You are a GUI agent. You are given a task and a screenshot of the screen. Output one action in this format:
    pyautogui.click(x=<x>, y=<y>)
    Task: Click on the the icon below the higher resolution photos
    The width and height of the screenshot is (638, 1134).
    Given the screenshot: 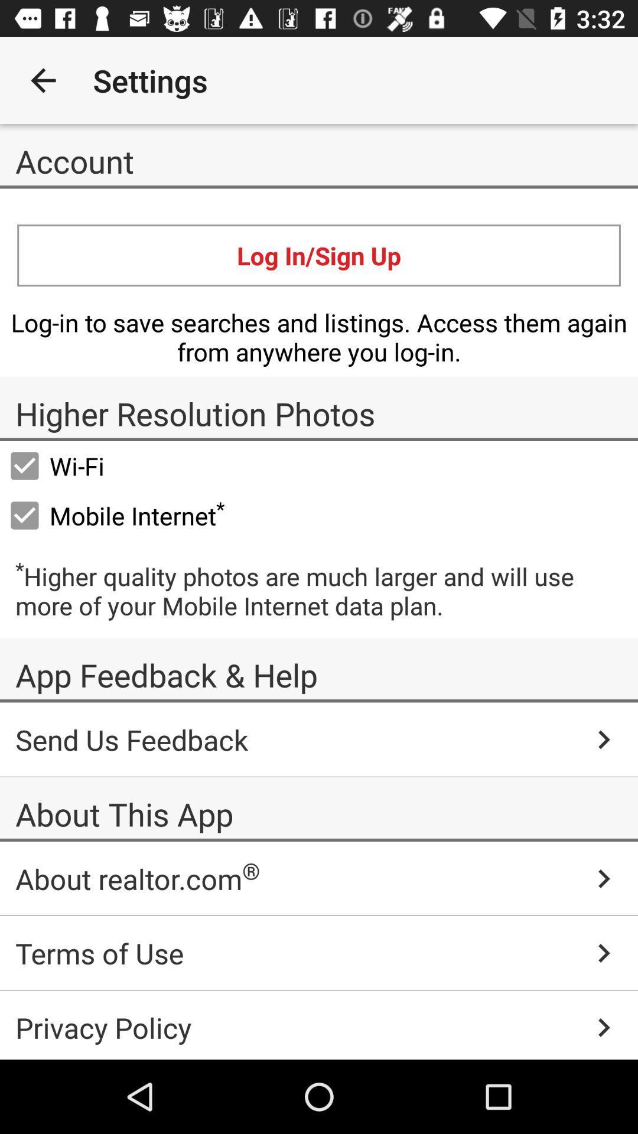 What is the action you would take?
    pyautogui.click(x=56, y=465)
    